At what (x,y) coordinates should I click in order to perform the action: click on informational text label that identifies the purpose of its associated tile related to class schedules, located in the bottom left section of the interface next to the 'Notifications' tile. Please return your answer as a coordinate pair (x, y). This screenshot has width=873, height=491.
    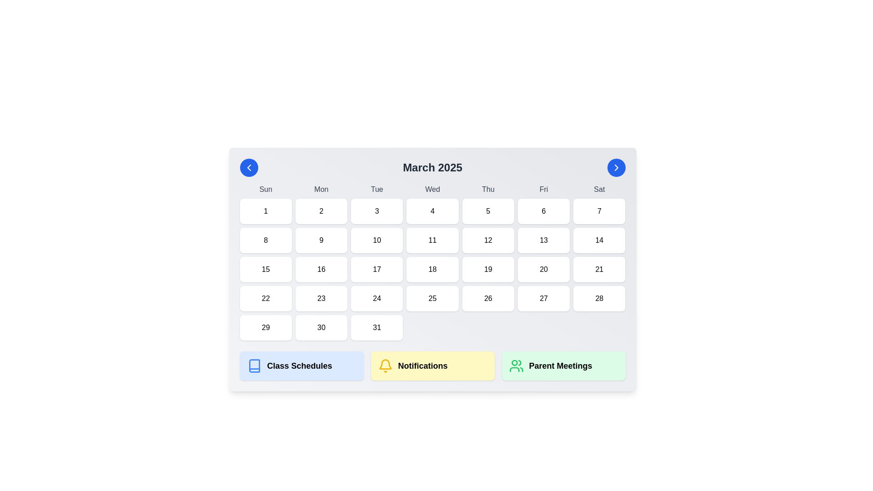
    Looking at the image, I should click on (299, 366).